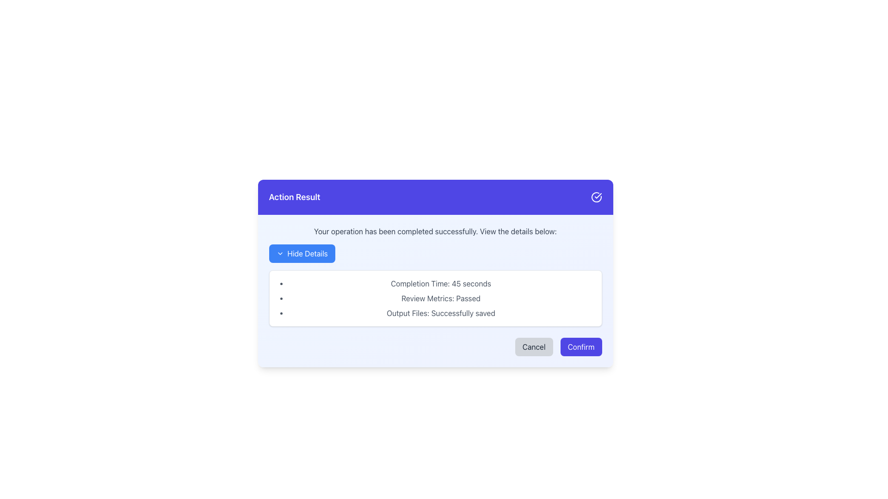 The width and height of the screenshot is (888, 499). Describe the element at coordinates (596, 197) in the screenshot. I see `the circular checkmark icon in the top-right corner of the 'Action Result' purple header section` at that location.